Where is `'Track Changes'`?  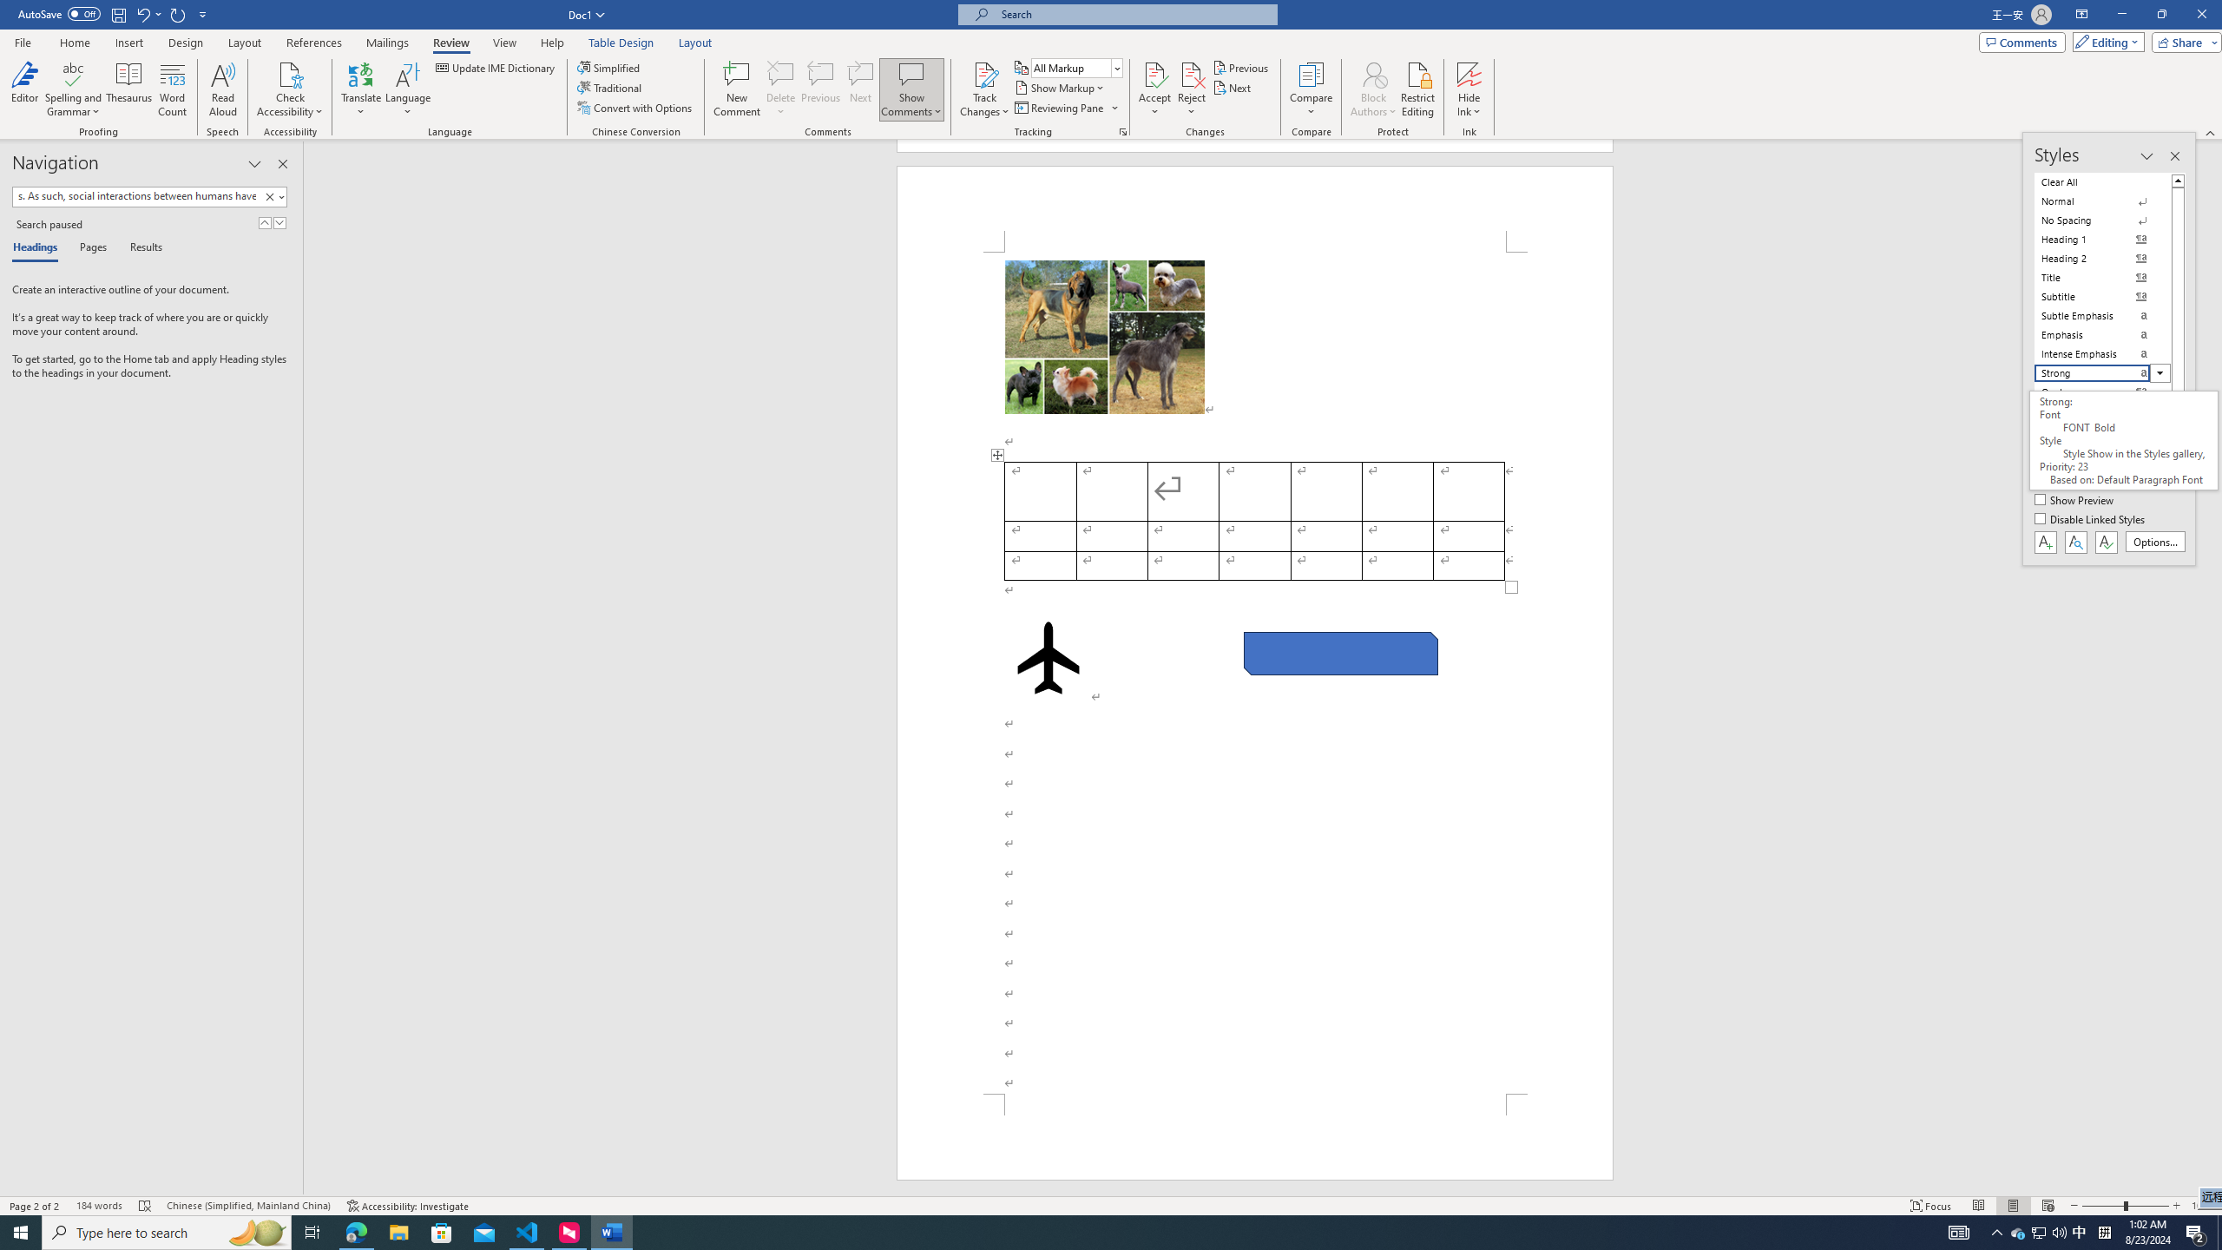 'Track Changes' is located at coordinates (983, 73).